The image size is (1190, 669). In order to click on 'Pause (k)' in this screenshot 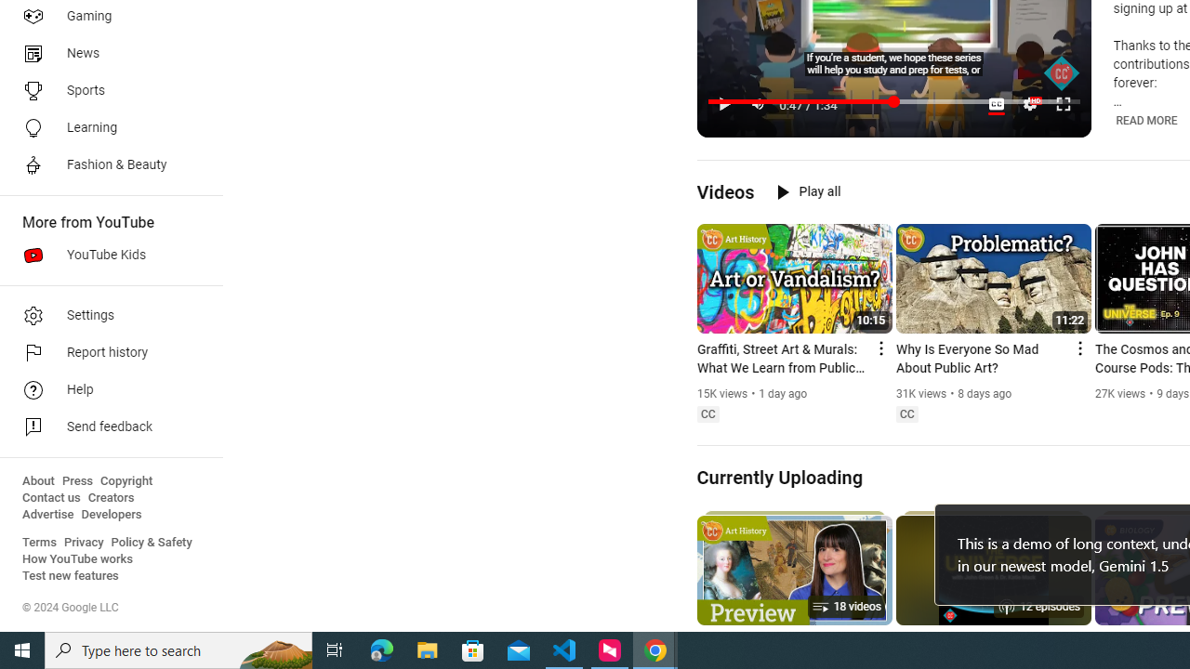, I will do `click(723, 104)`.